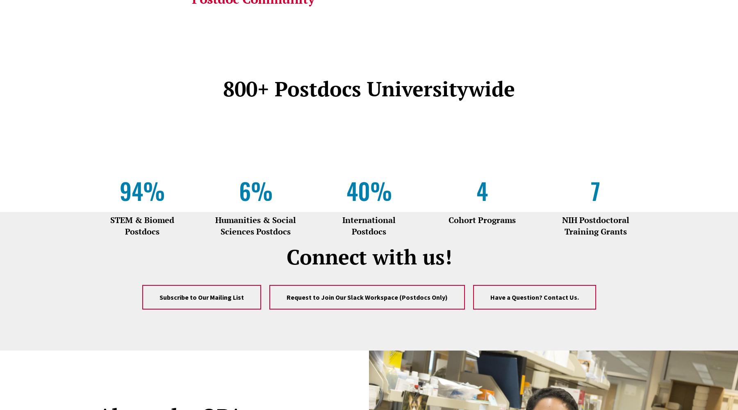 The height and width of the screenshot is (410, 738). What do you see at coordinates (286, 296) in the screenshot?
I see `'Request to Join Our Slack Workspace (Postdocs Only)'` at bounding box center [286, 296].